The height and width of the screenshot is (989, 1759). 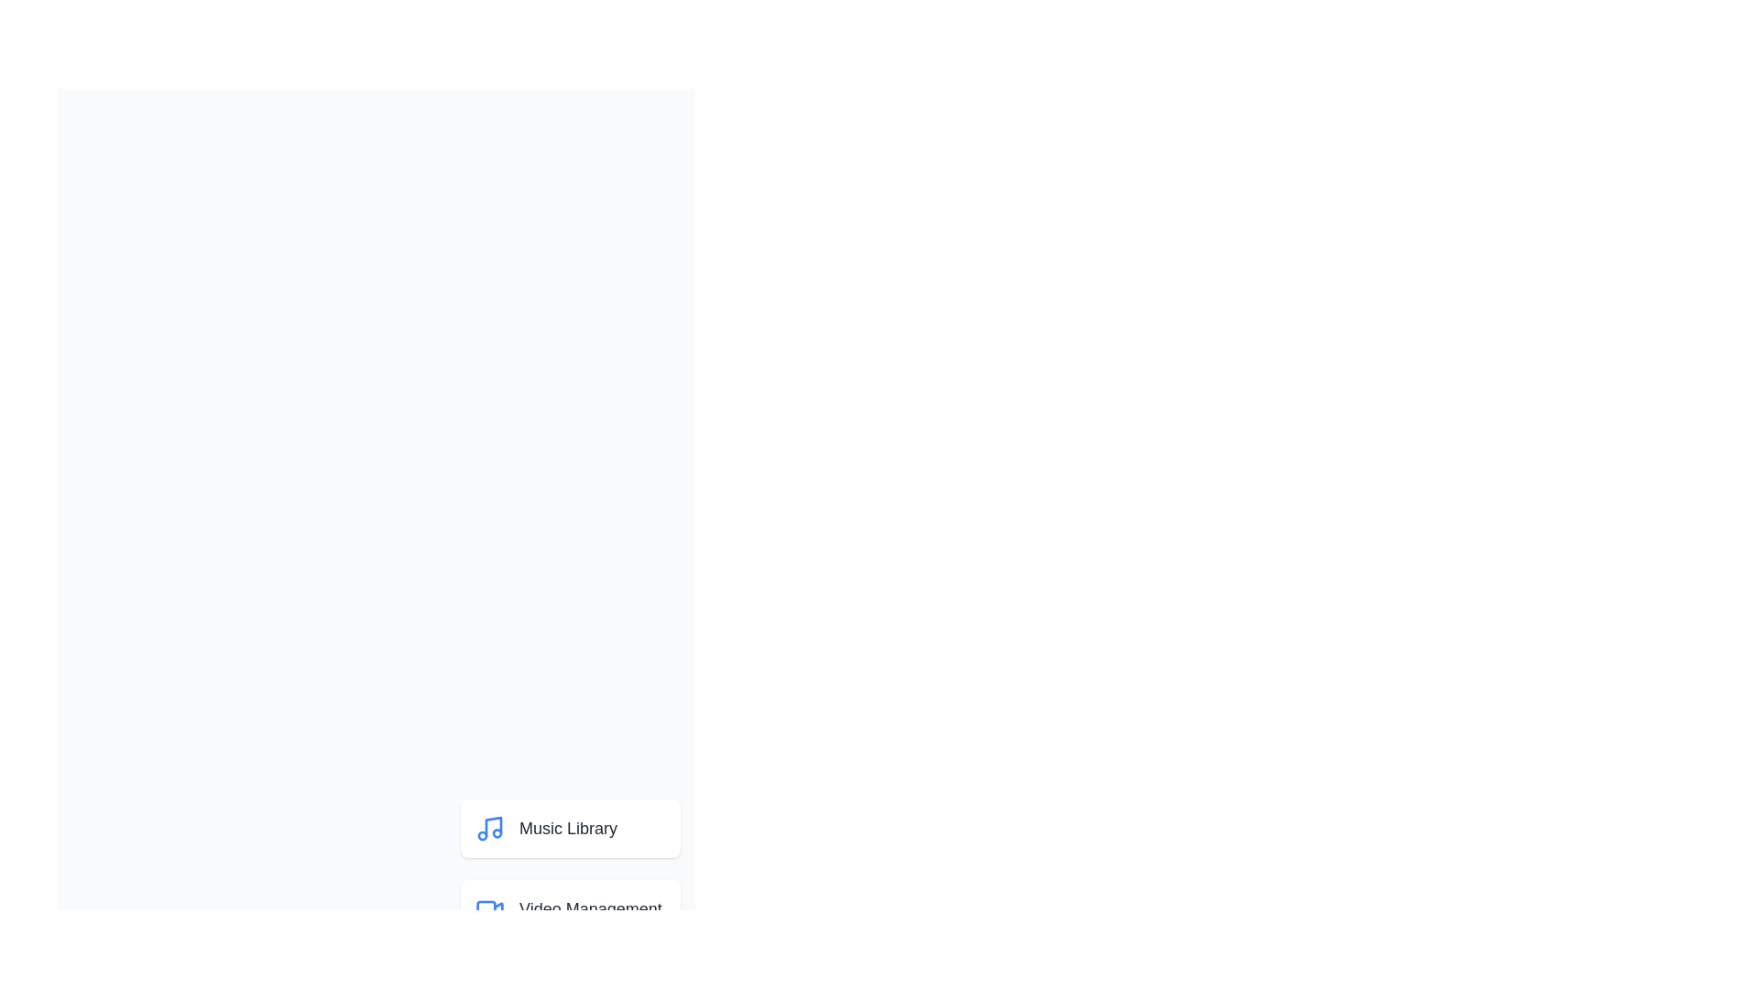 What do you see at coordinates (570, 829) in the screenshot?
I see `the menu item Music Library` at bounding box center [570, 829].